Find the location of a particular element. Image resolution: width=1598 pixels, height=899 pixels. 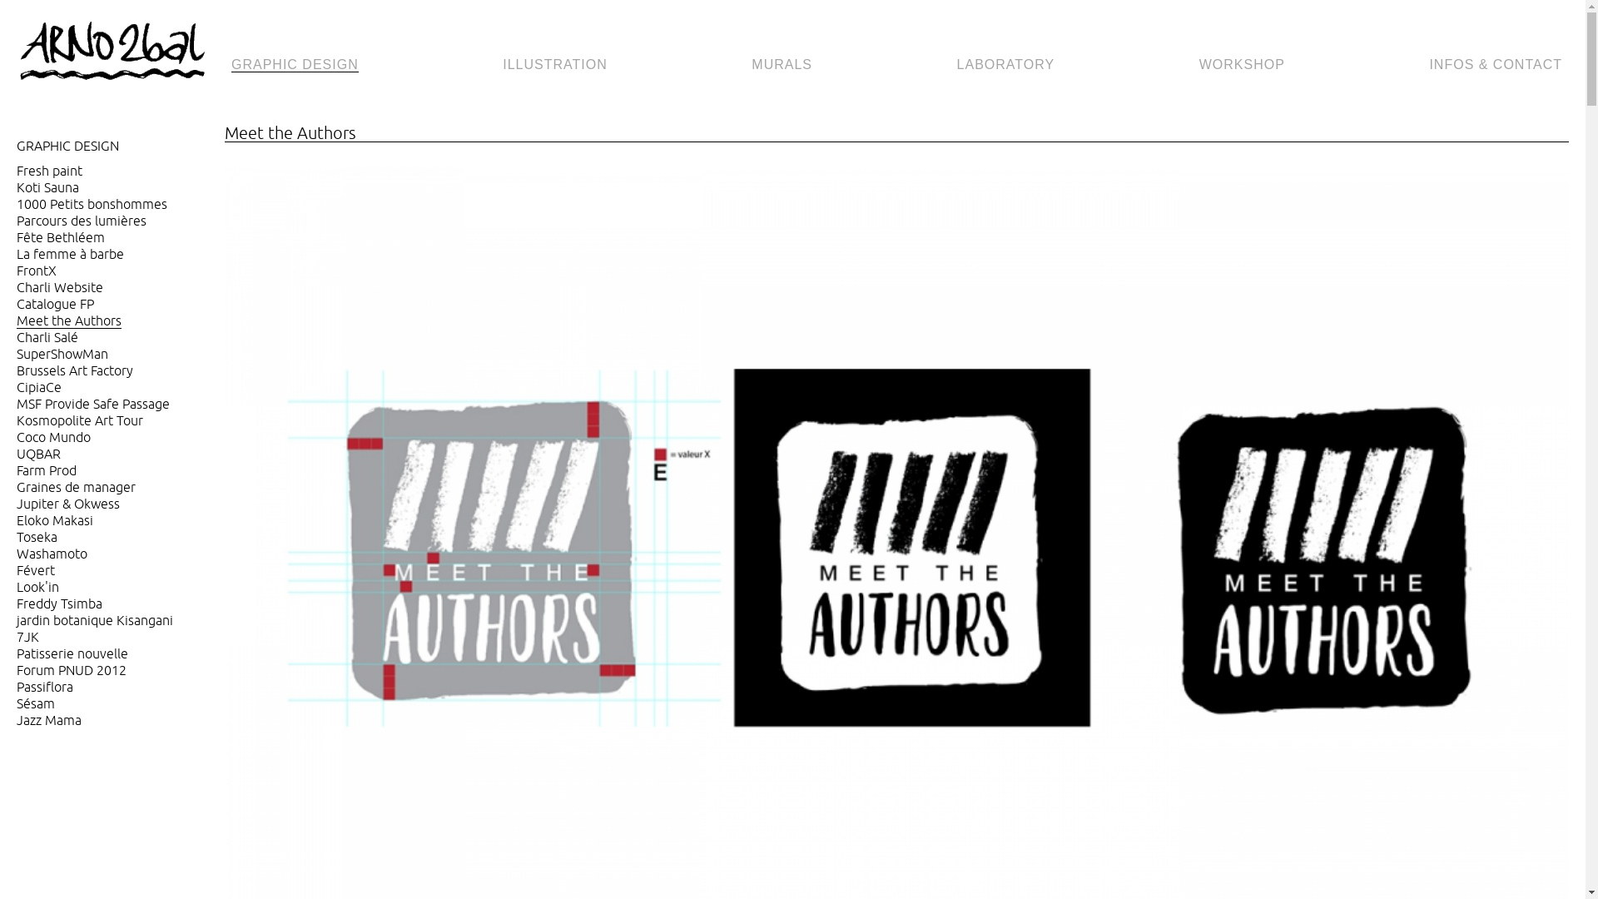

'Freddy Tsimba' is located at coordinates (59, 603).